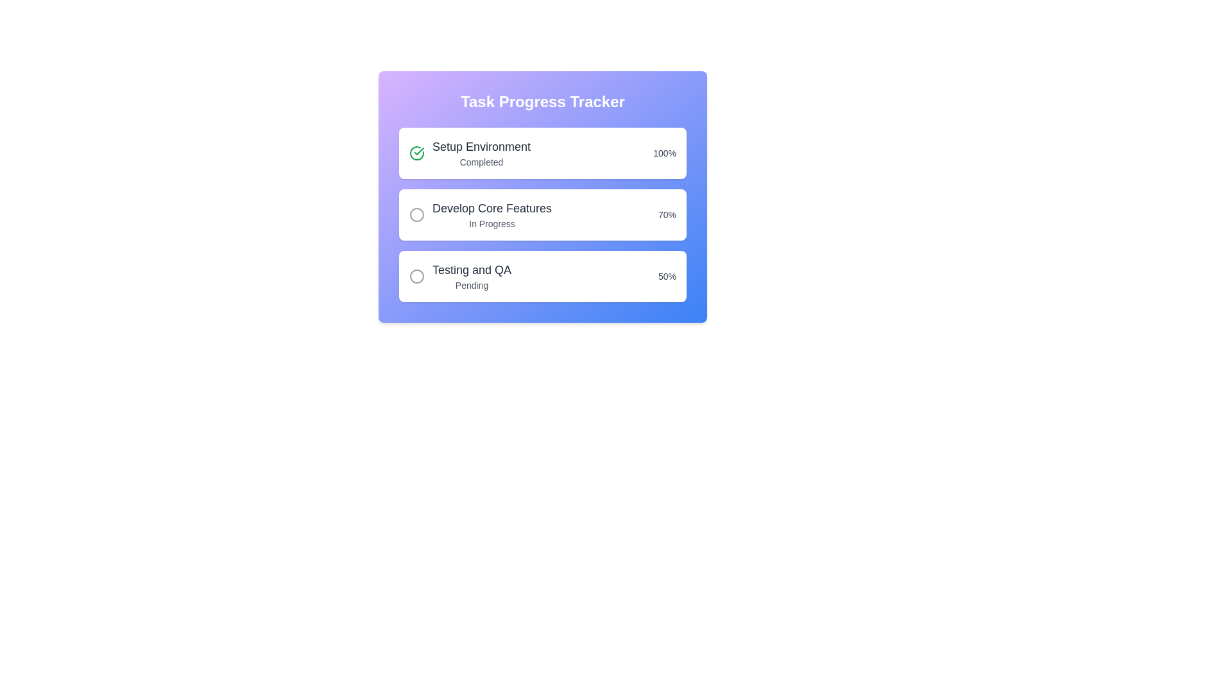 The width and height of the screenshot is (1232, 693). I want to click on text content of the bold text label displaying 'Setup Environment', which is located under the 'Task Progress Tracker' header, so click(481, 146).